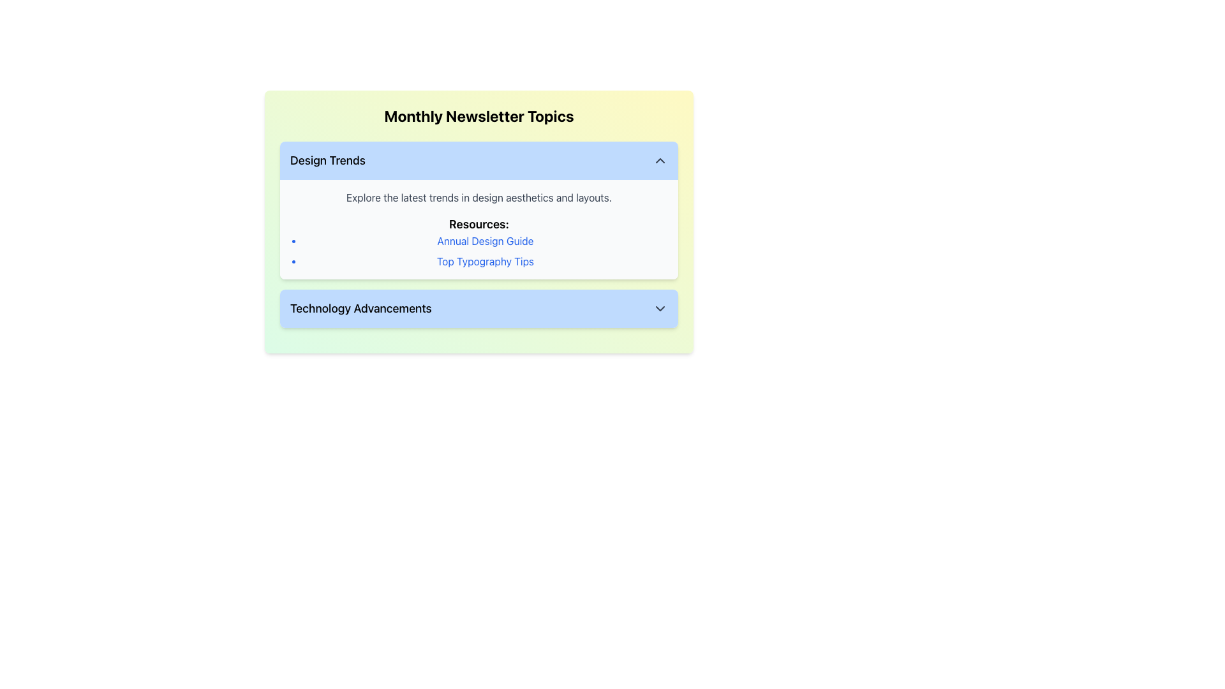  I want to click on the 'Design Trends' label, which is a bold, black text on a blue background, so click(327, 159).